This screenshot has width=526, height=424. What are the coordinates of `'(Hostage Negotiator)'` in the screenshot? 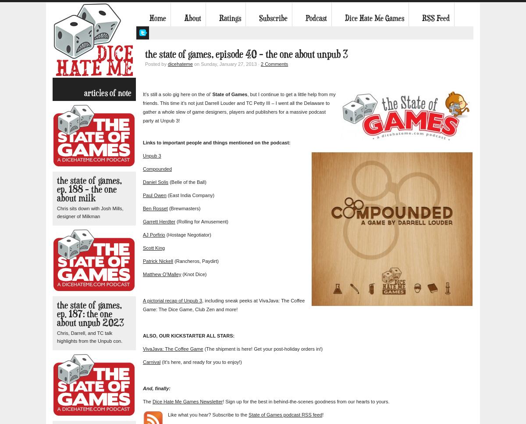 It's located at (188, 234).